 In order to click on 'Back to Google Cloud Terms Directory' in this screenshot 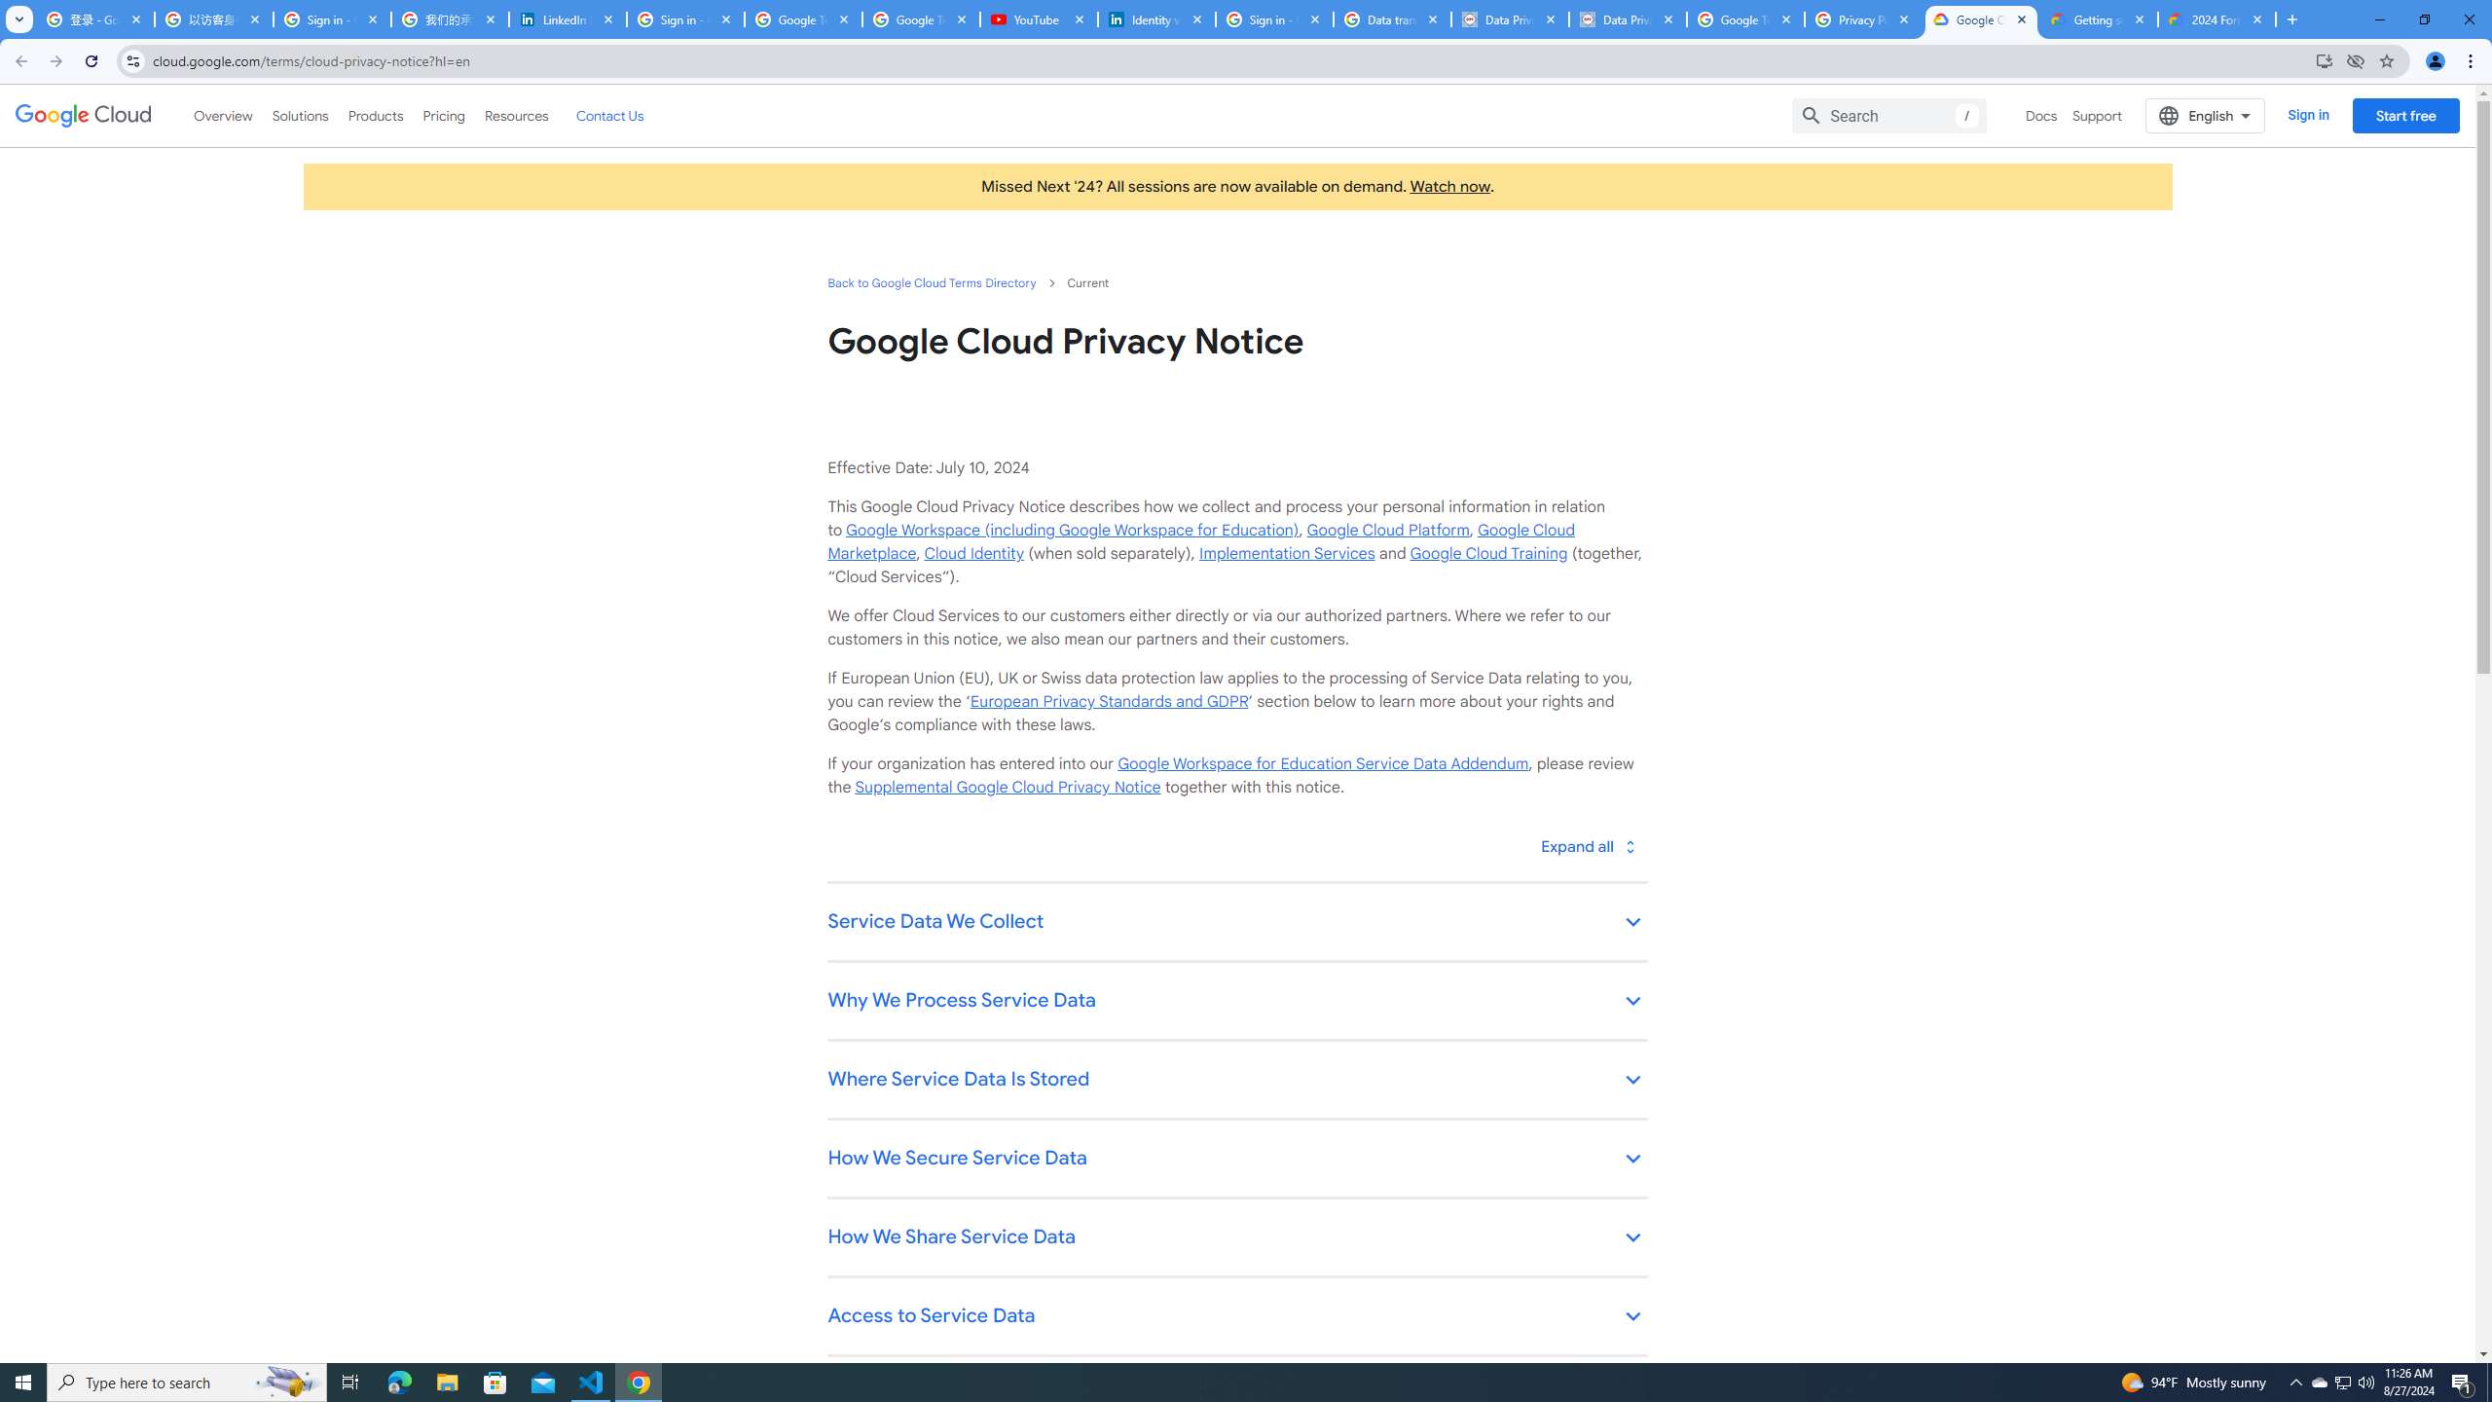, I will do `click(932, 282)`.